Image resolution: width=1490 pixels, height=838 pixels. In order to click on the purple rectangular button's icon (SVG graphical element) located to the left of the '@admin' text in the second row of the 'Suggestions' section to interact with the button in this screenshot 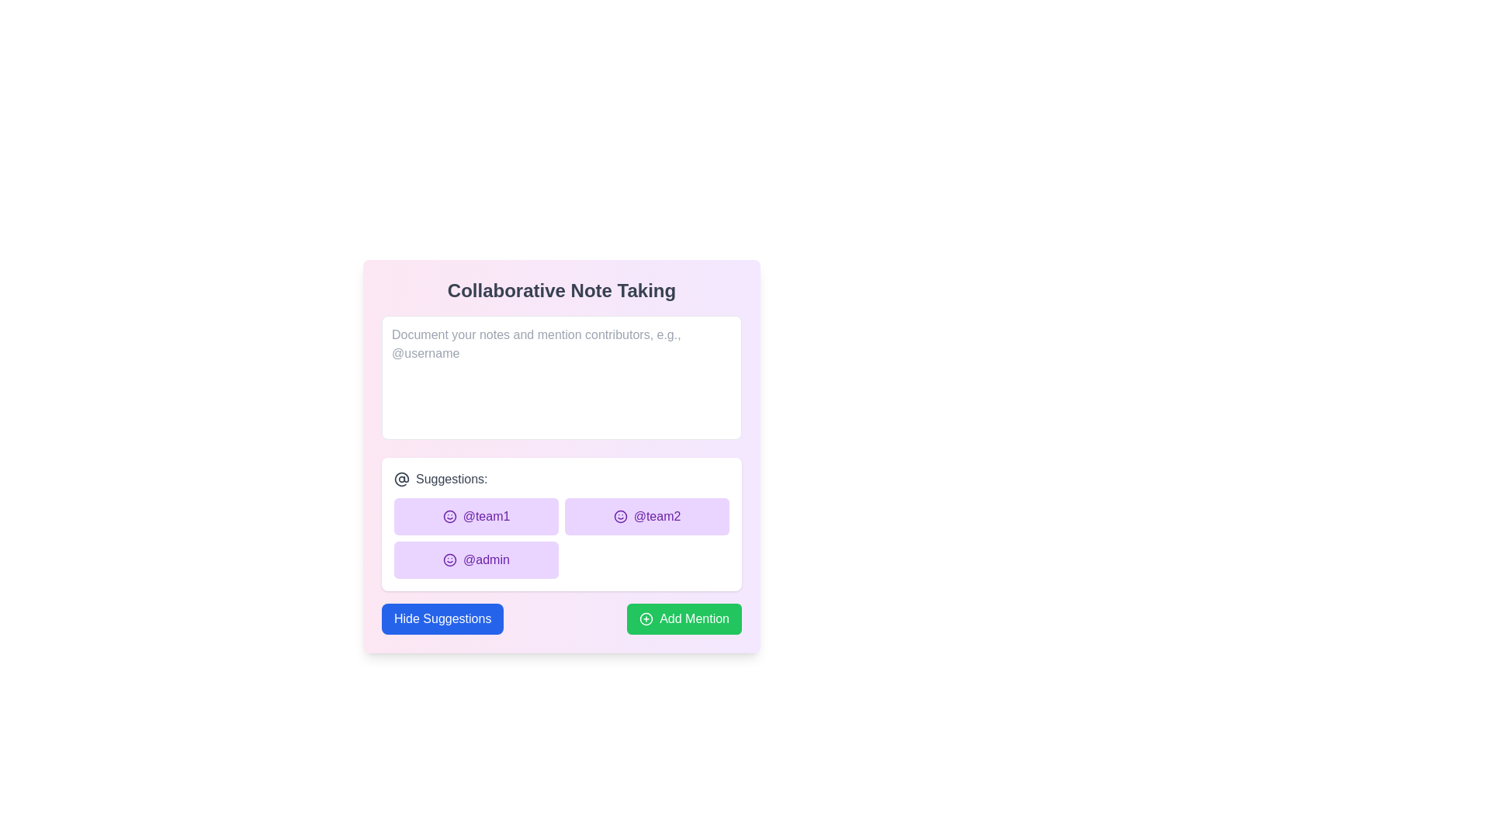, I will do `click(449, 559)`.